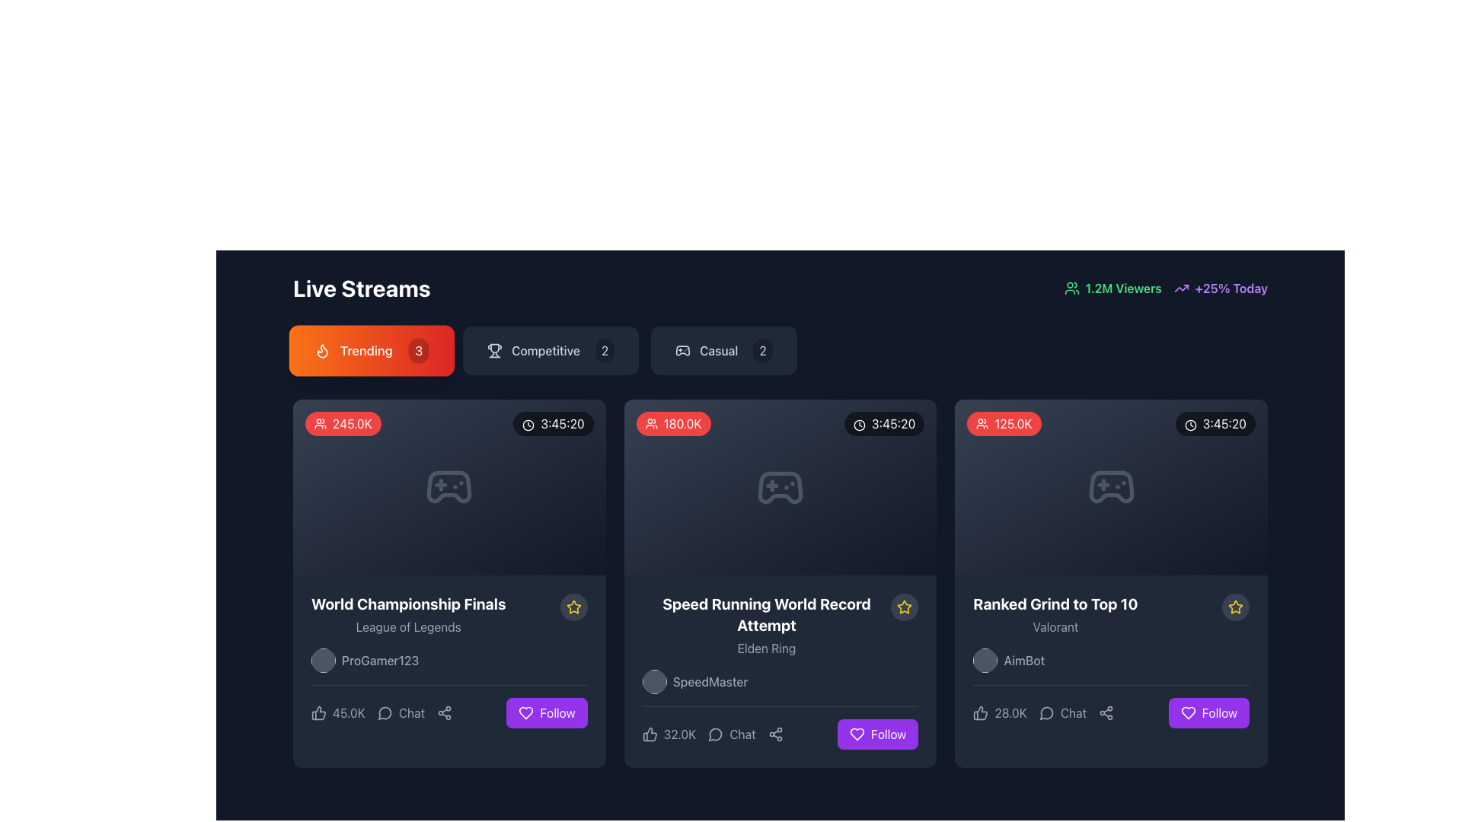 This screenshot has width=1462, height=822. What do you see at coordinates (1111, 487) in the screenshot?
I see `the gaming content icon located at the center top of the third card in a row of horizontally displayed cards` at bounding box center [1111, 487].